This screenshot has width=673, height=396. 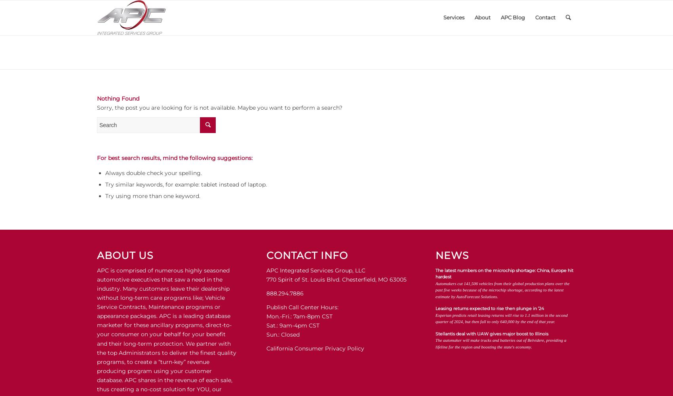 I want to click on 'Publish Call Center Hours:', so click(x=301, y=307).